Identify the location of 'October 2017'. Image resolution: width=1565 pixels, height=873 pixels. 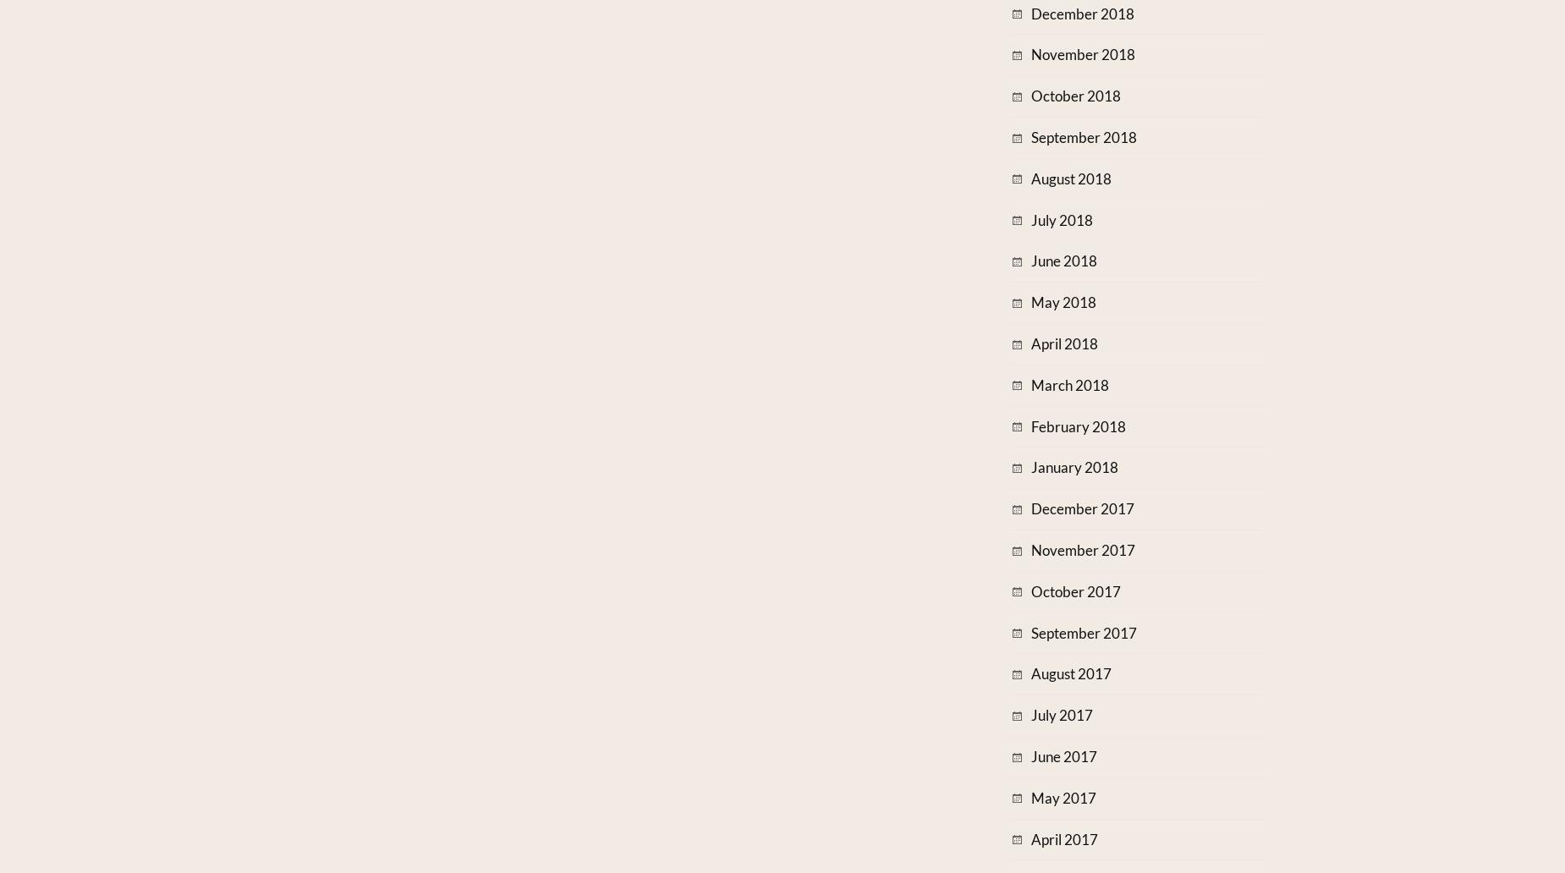
(1075, 590).